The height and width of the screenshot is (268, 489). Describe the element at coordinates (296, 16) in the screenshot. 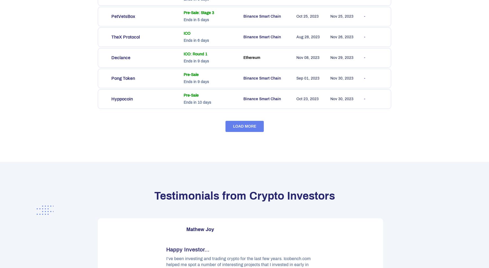

I see `'Oct 25, 2023'` at that location.